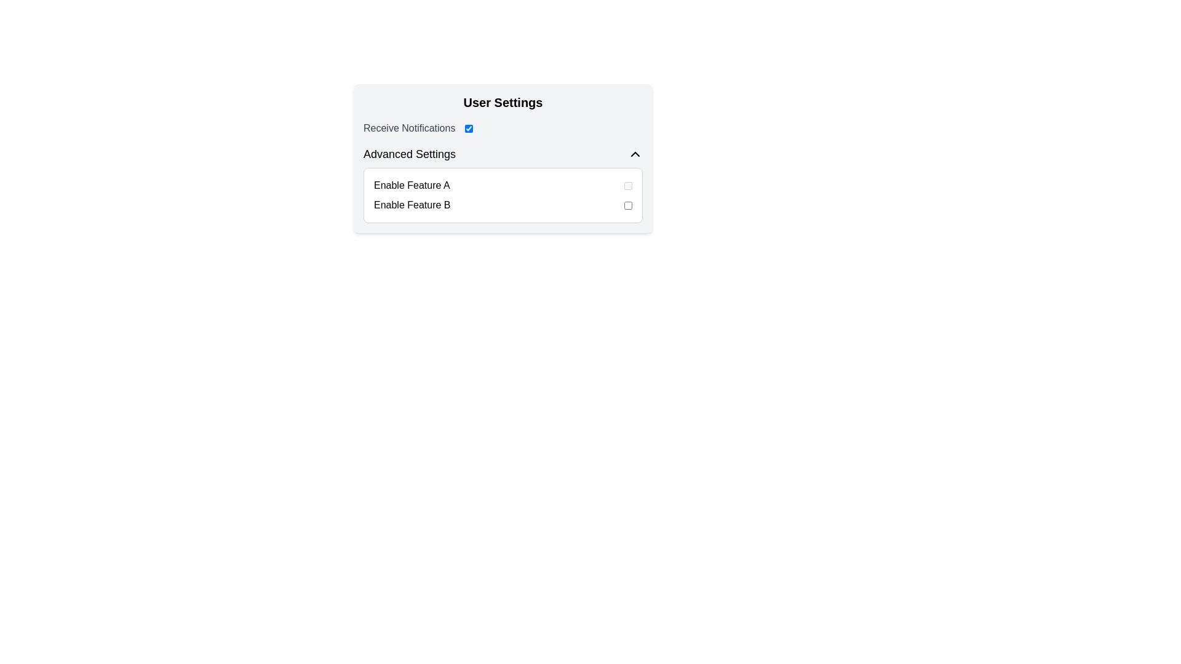 Image resolution: width=1181 pixels, height=664 pixels. I want to click on the toggle switch styled as a checkbox located to the right of the text 'Enable Feature B' to change its state, so click(628, 205).